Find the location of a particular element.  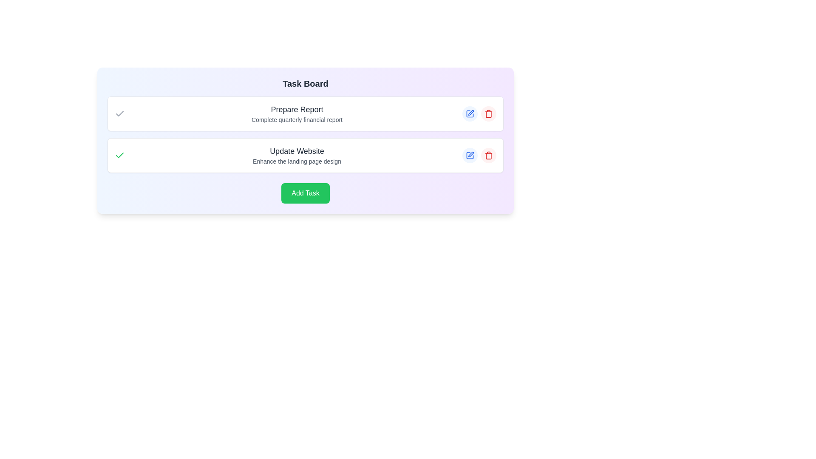

the Icon button, which is the second icon to the right of the 'Update Website' task in the task board located in the second task row beneath the 'Prepare Report' task row is located at coordinates (470, 154).